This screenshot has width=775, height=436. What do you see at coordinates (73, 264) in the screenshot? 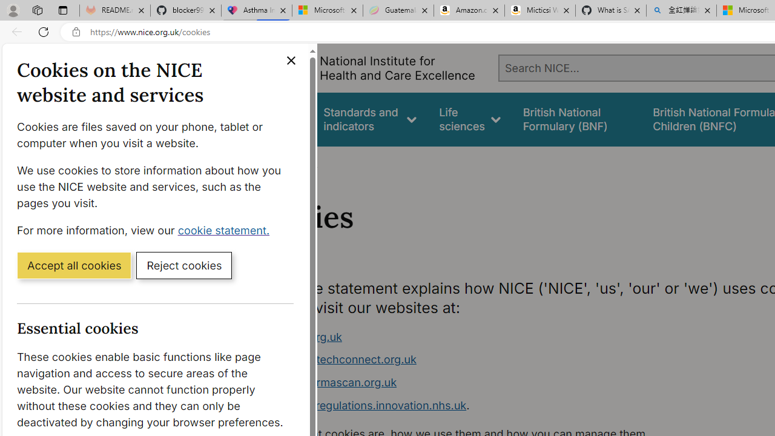
I see `'Accept all cookies'` at bounding box center [73, 264].